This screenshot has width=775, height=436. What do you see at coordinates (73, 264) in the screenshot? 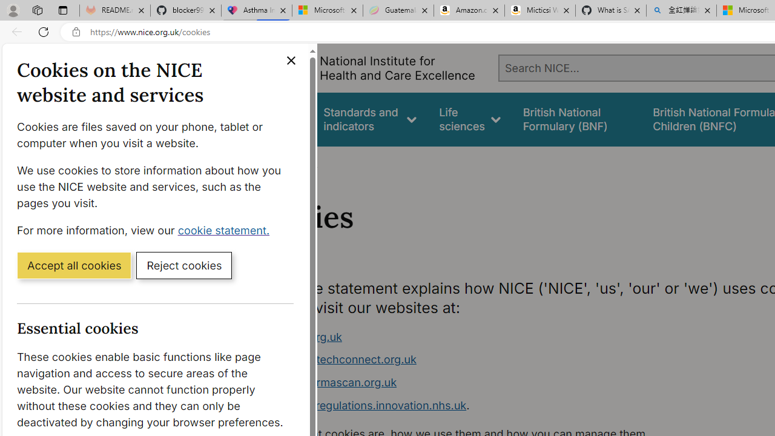
I see `'Accept all cookies'` at bounding box center [73, 264].